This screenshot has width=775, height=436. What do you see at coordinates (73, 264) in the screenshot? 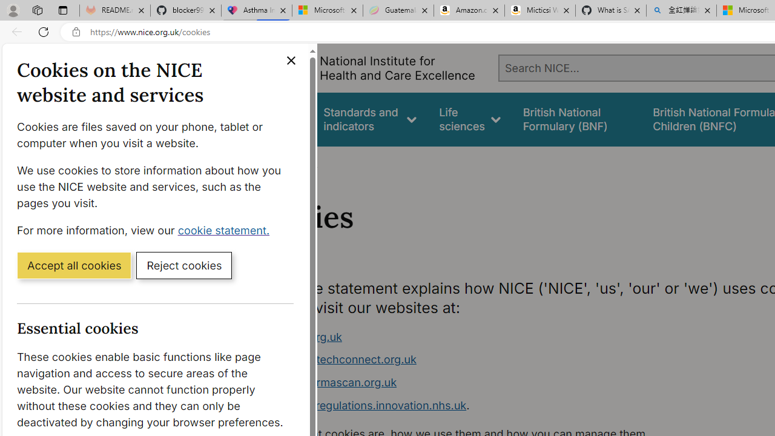
I see `'Accept all cookies'` at bounding box center [73, 264].